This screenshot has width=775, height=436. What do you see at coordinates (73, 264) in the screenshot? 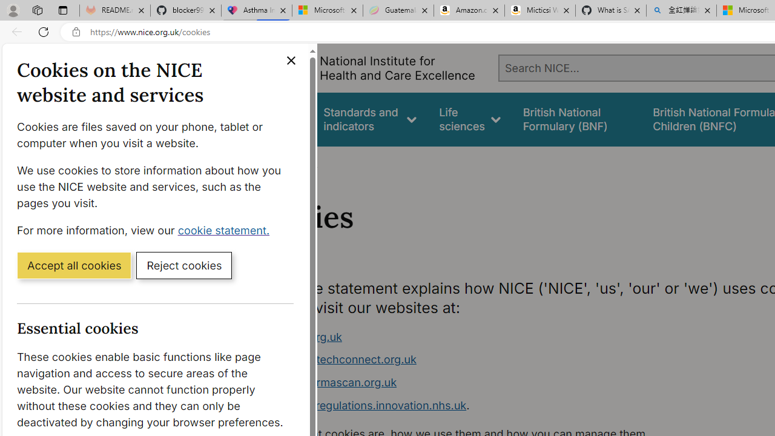
I see `'Accept all cookies'` at bounding box center [73, 264].